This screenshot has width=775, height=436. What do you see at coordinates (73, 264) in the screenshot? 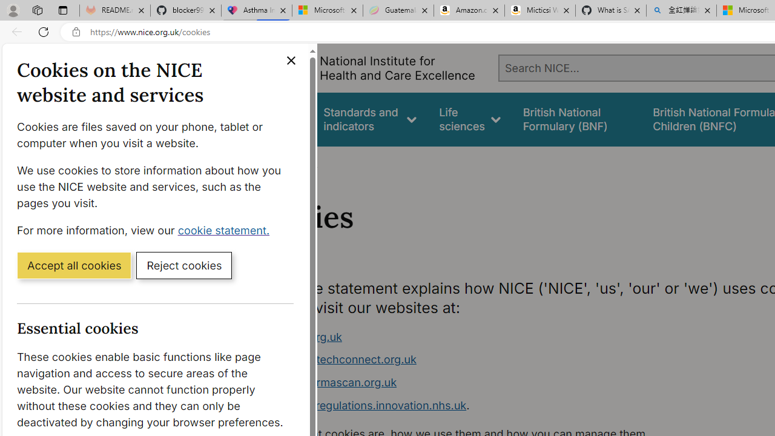
I see `'Accept all cookies'` at bounding box center [73, 264].